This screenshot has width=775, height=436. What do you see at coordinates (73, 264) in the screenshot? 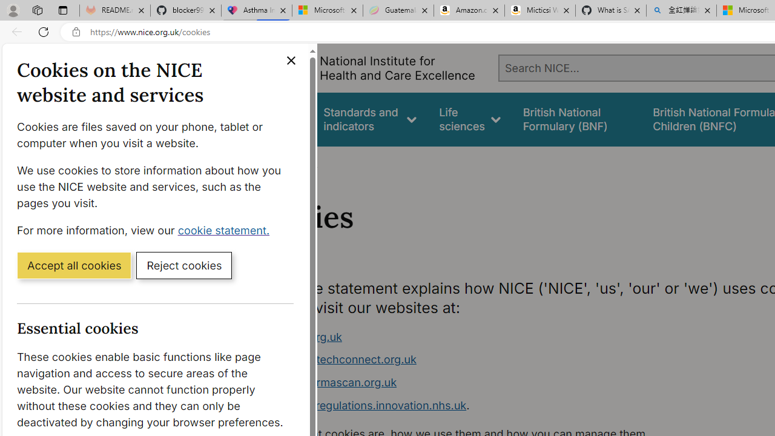
I see `'Accept all cookies'` at bounding box center [73, 264].